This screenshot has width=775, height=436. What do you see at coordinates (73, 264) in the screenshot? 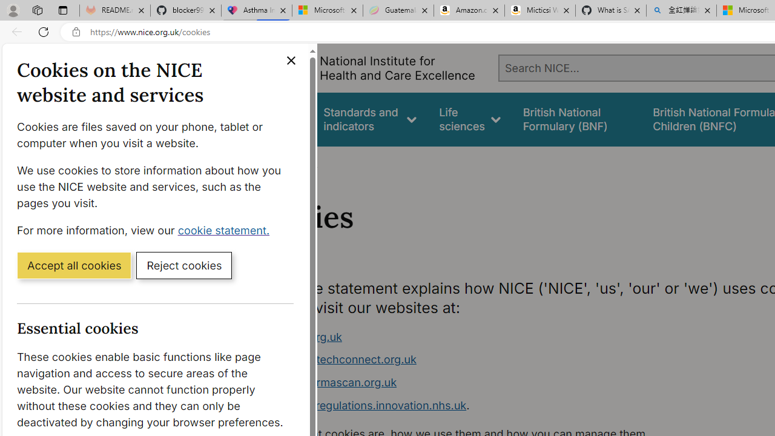
I see `'Accept all cookies'` at bounding box center [73, 264].